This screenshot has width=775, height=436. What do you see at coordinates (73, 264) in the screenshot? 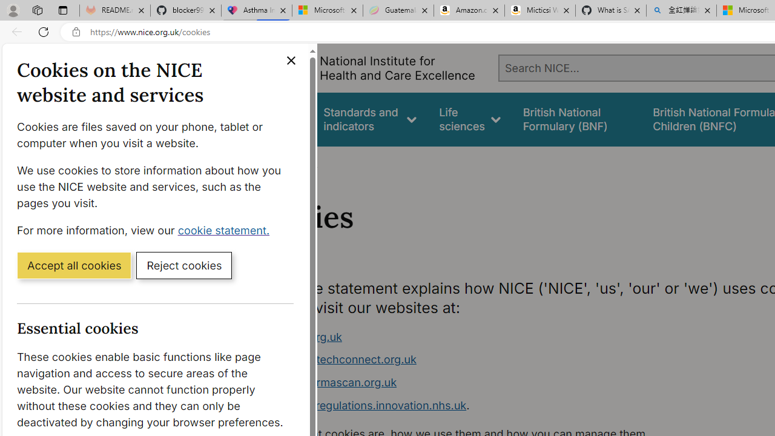
I see `'Accept all cookies'` at bounding box center [73, 264].